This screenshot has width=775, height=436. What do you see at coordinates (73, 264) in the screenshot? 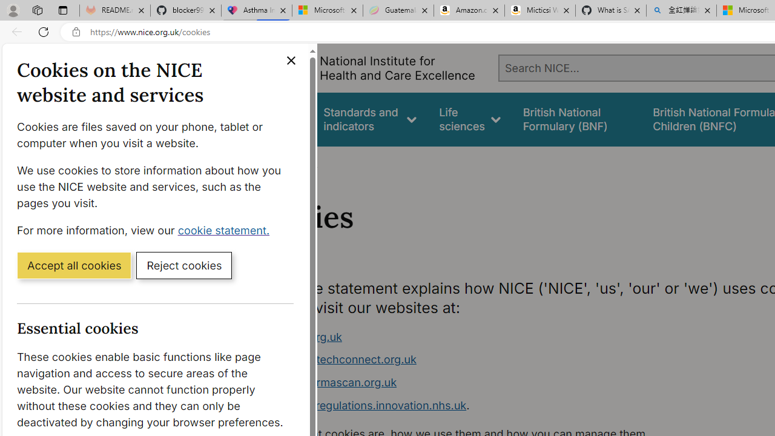
I see `'Accept all cookies'` at bounding box center [73, 264].